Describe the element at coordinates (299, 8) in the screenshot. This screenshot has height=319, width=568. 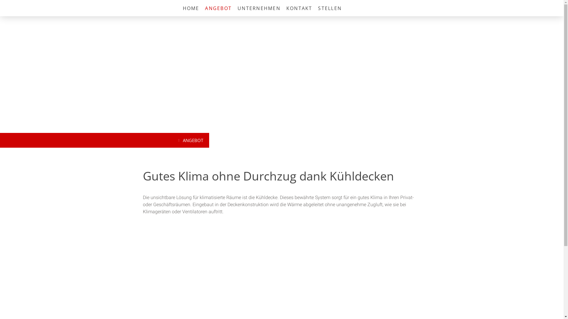
I see `'KONTAKT'` at that location.